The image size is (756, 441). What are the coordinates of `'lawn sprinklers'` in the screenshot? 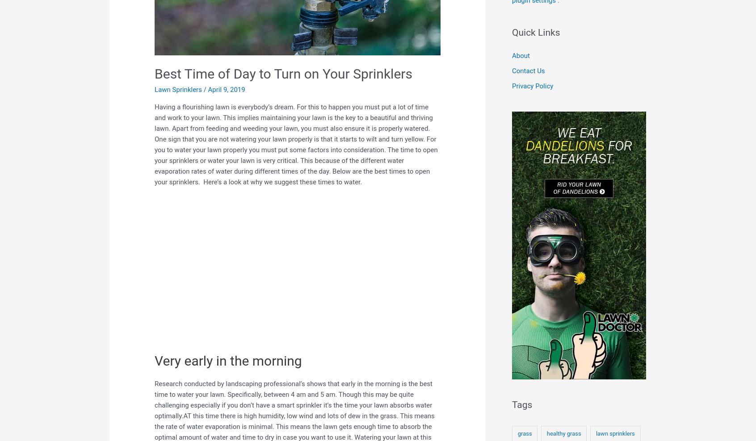 It's located at (615, 433).